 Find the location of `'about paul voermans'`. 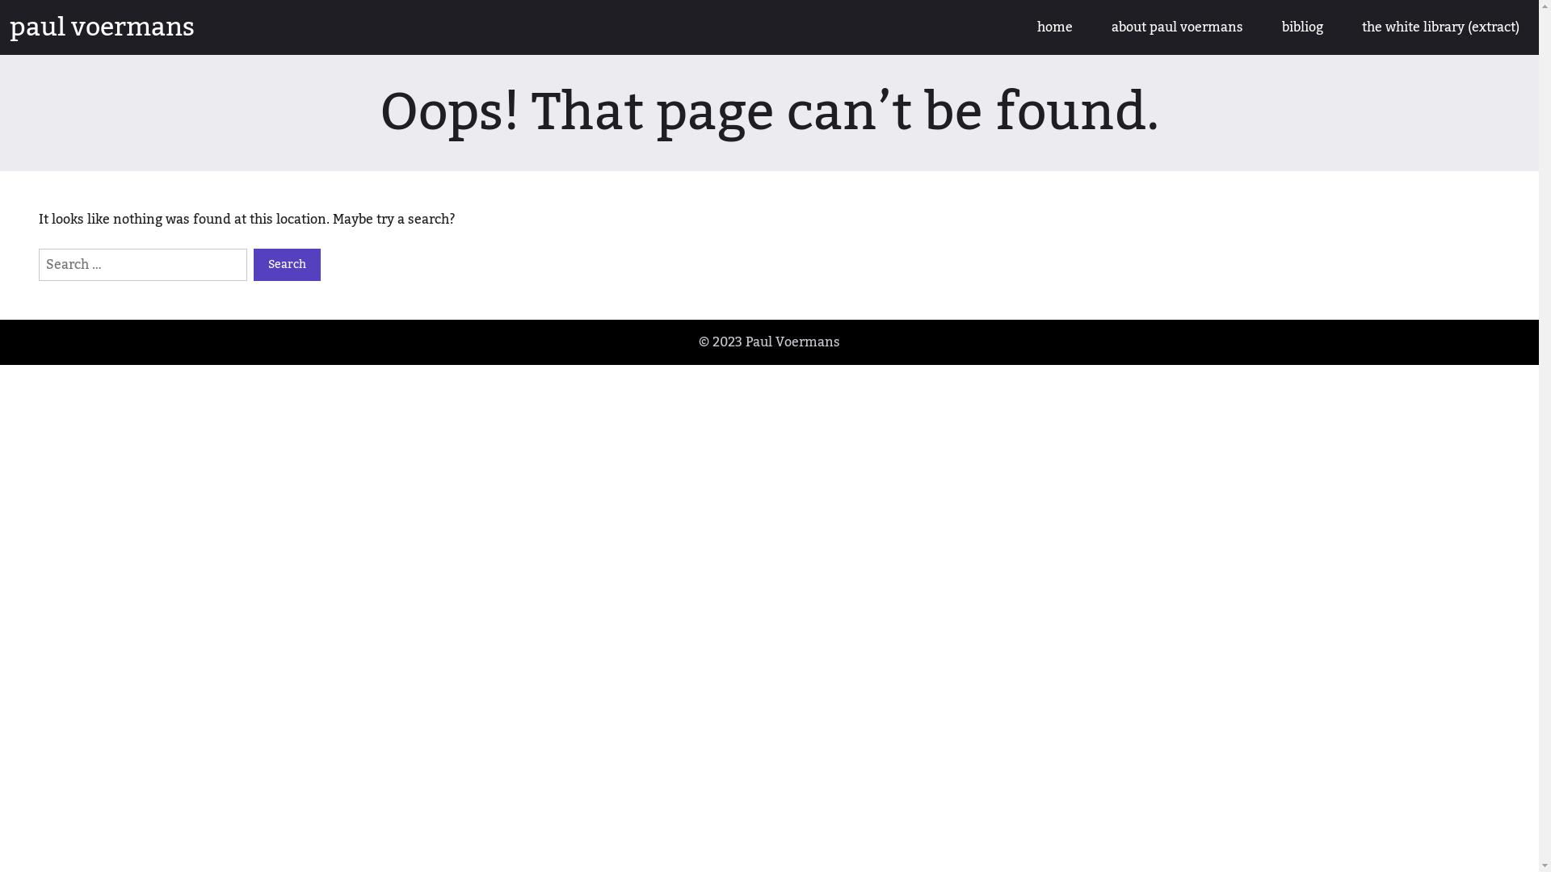

'about paul voermans' is located at coordinates (1177, 27).